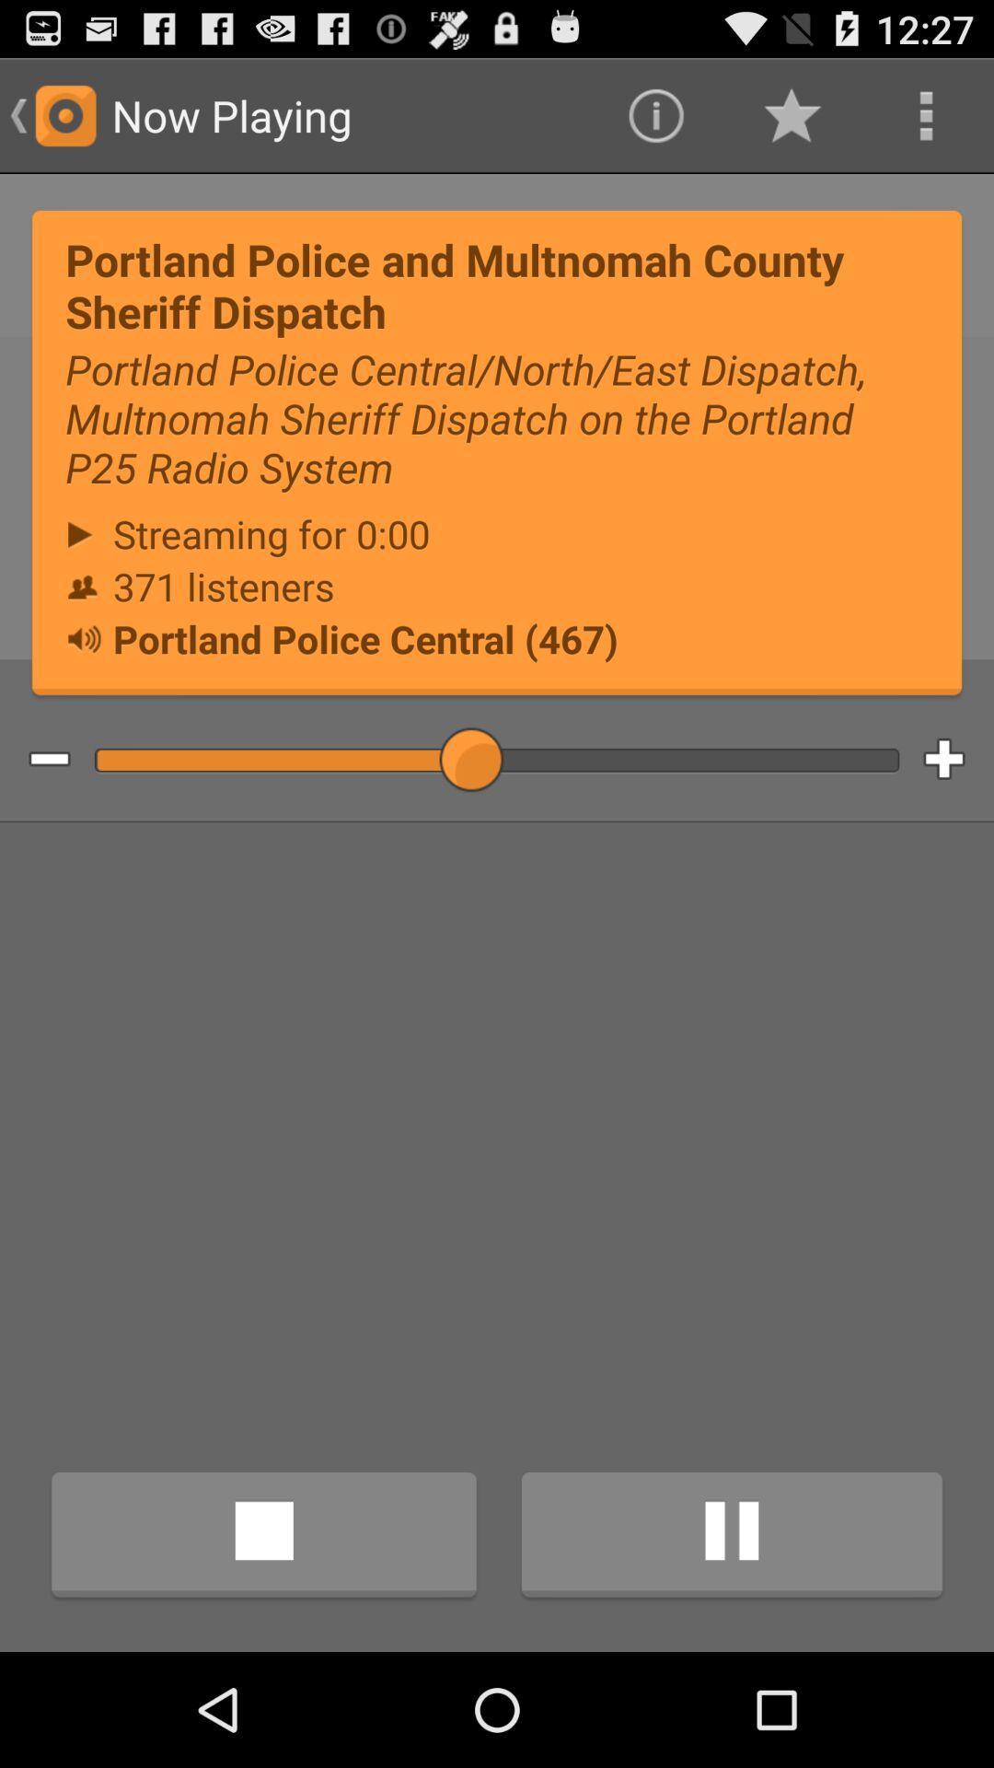 This screenshot has height=1768, width=994. I want to click on app above the portland police and icon, so click(790, 114).